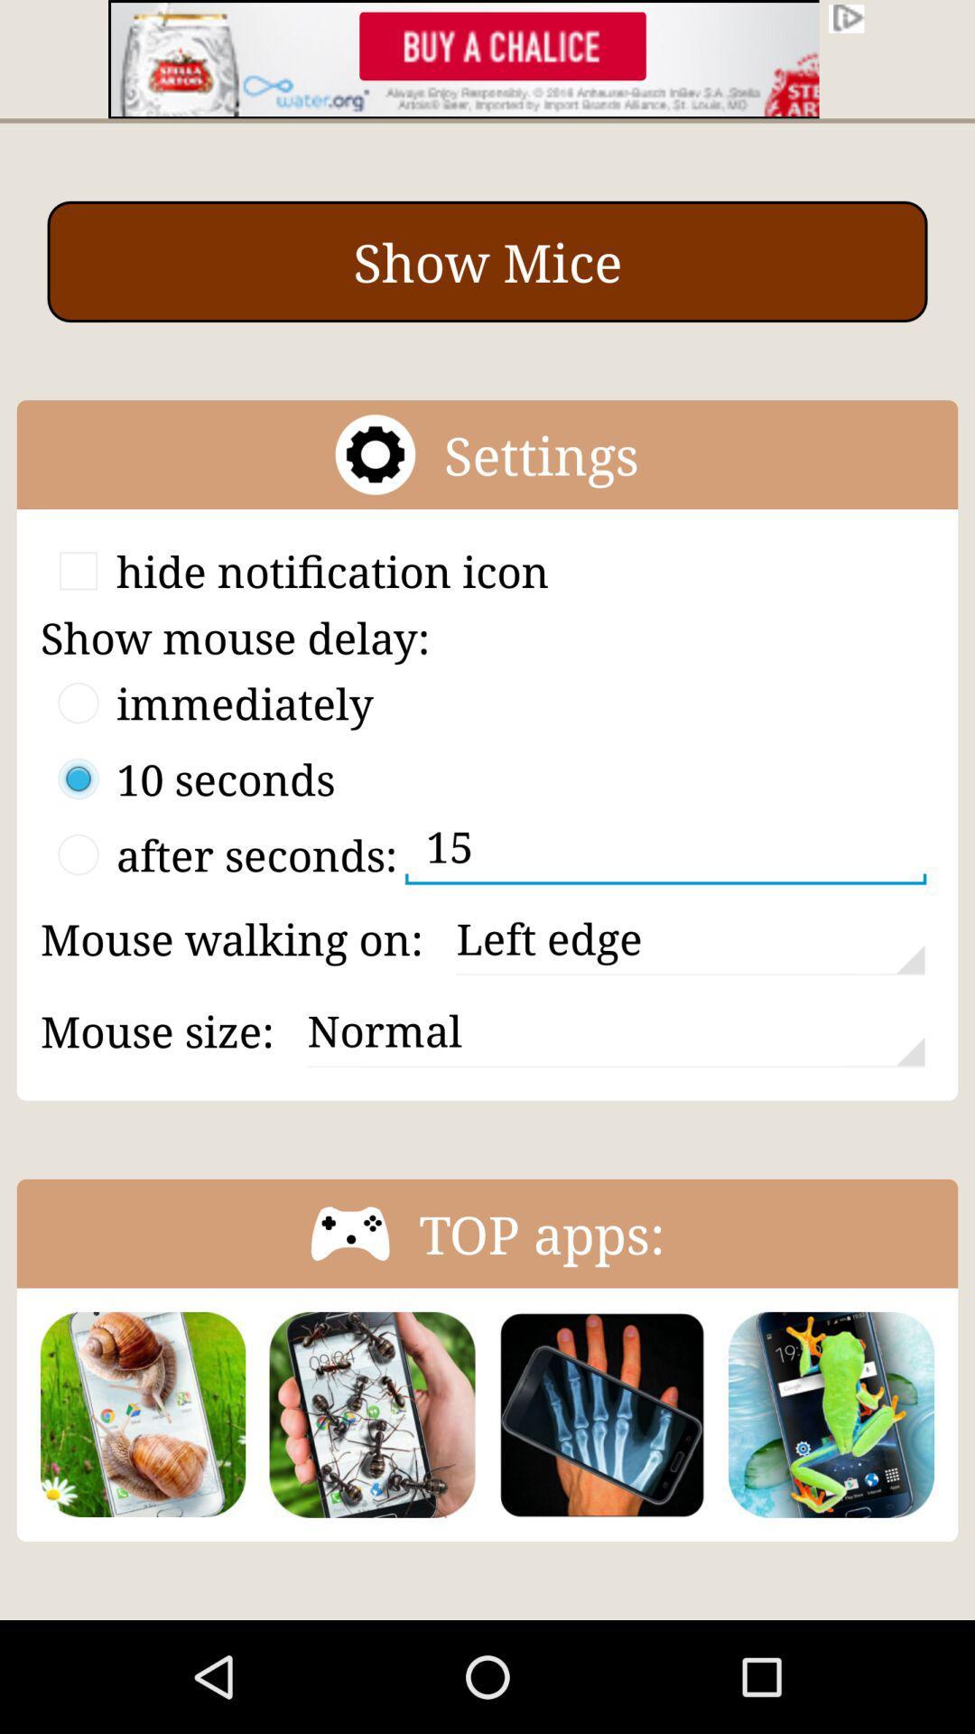  Describe the element at coordinates (601, 1413) in the screenshot. I see `app image` at that location.